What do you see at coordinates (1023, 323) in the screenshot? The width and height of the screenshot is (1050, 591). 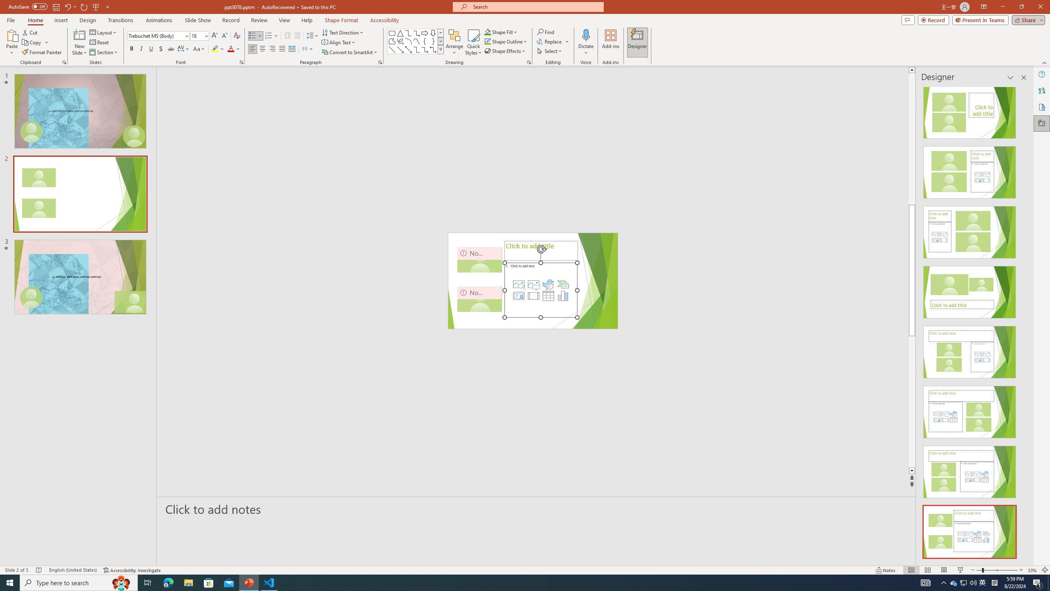 I see `'Class: NetUIScrollBar'` at bounding box center [1023, 323].